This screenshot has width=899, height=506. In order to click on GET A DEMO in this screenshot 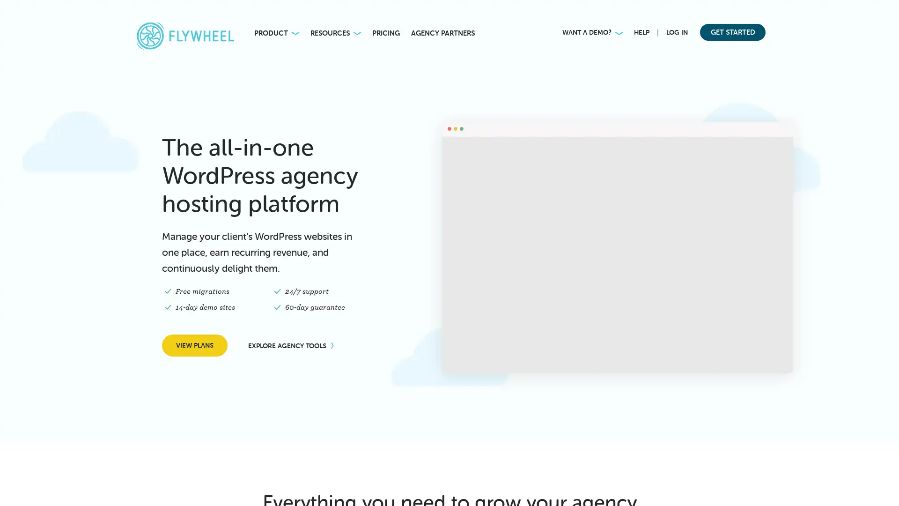, I will do `click(162, 484)`.